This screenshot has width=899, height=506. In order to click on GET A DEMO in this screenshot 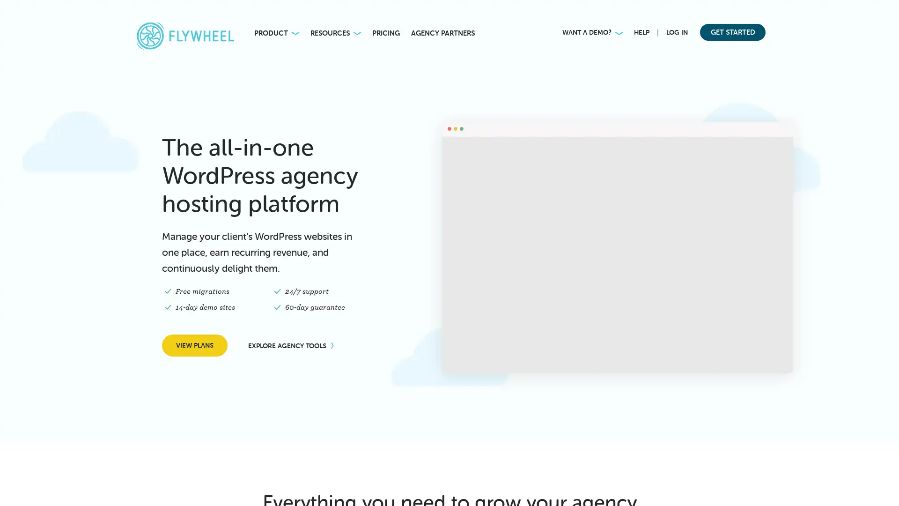, I will do `click(162, 484)`.